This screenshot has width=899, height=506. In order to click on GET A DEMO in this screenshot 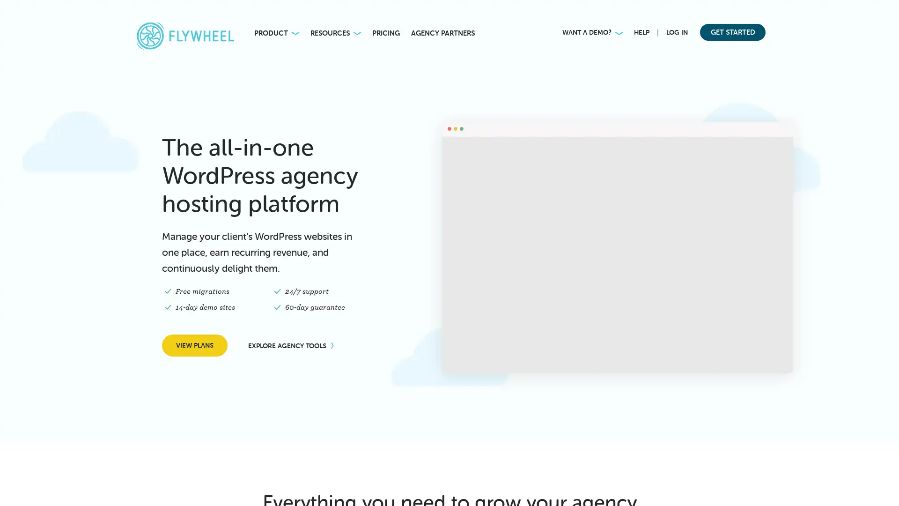, I will do `click(162, 484)`.